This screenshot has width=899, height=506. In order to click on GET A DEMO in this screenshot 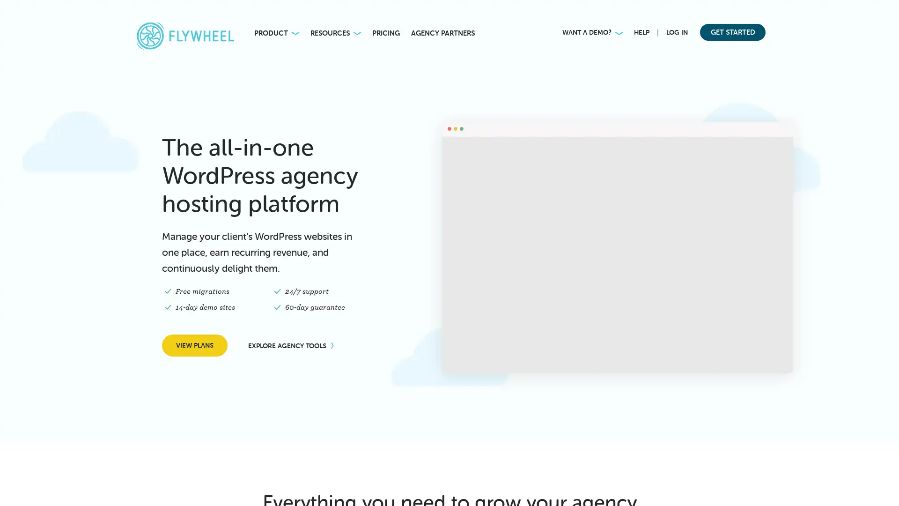, I will do `click(162, 484)`.